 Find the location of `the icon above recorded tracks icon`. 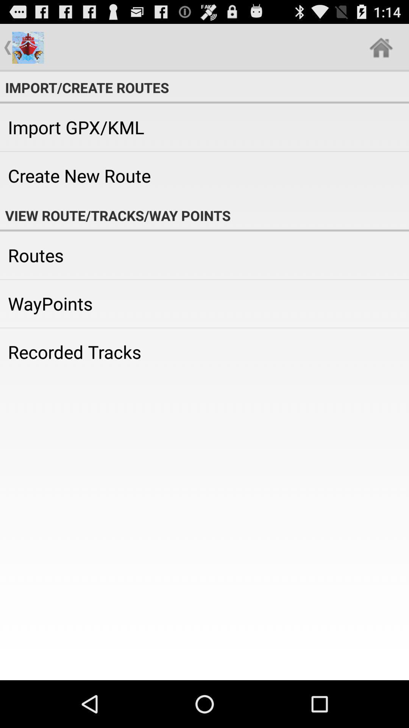

the icon above recorded tracks icon is located at coordinates (204, 304).